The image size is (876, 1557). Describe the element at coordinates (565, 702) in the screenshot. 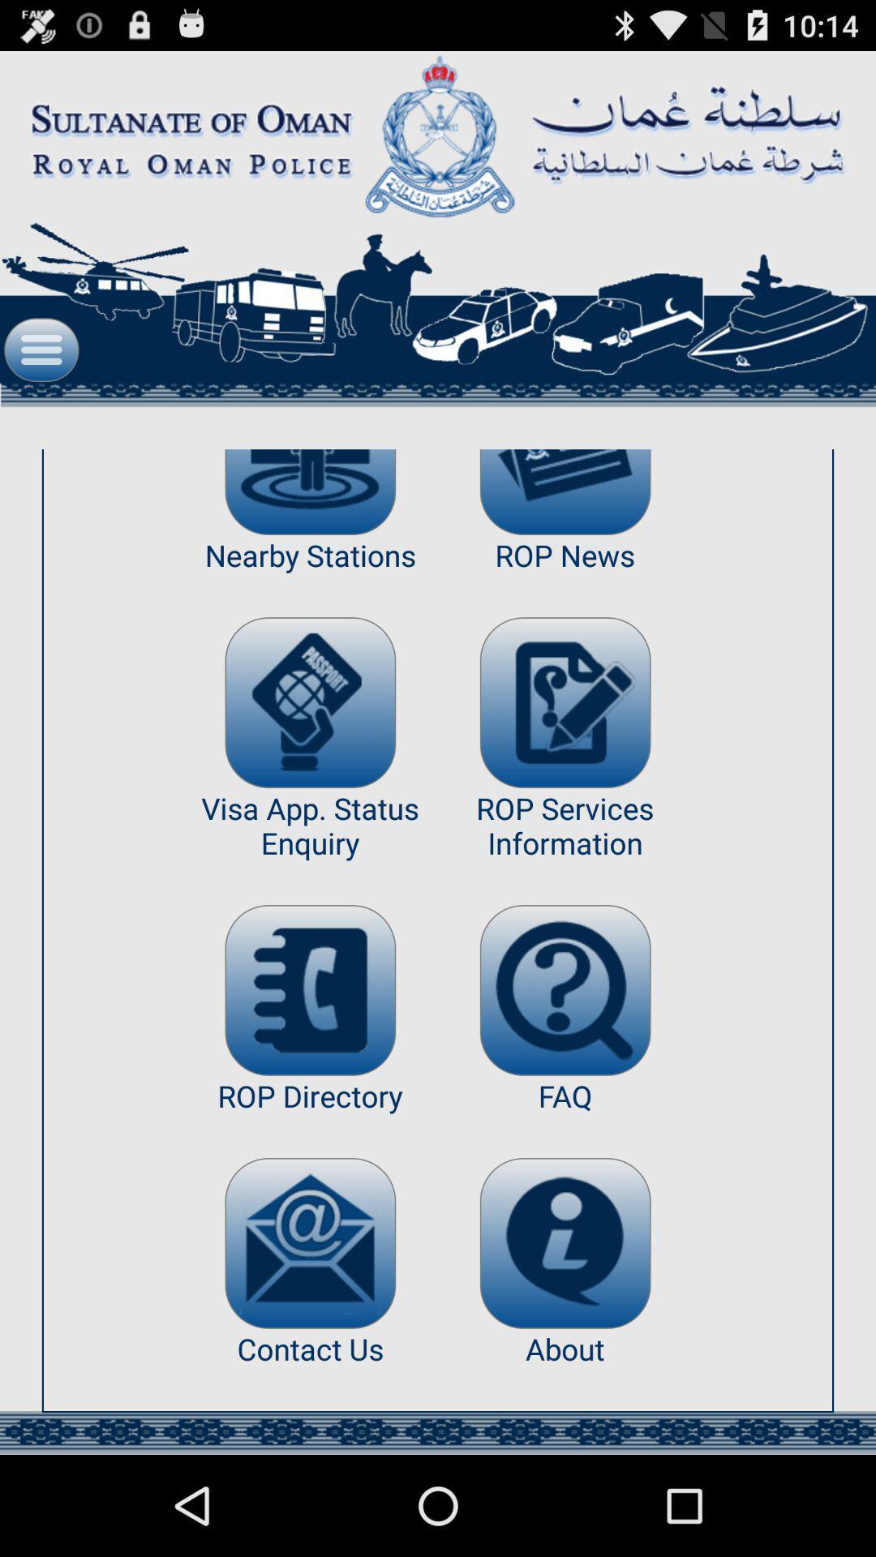

I see `rop services` at that location.